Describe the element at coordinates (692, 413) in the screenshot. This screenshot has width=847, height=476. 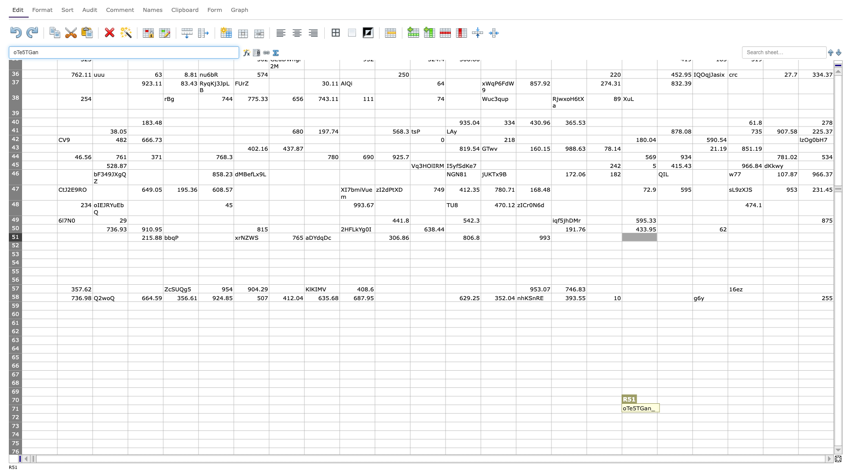
I see `Fill handle of cell S-71` at that location.